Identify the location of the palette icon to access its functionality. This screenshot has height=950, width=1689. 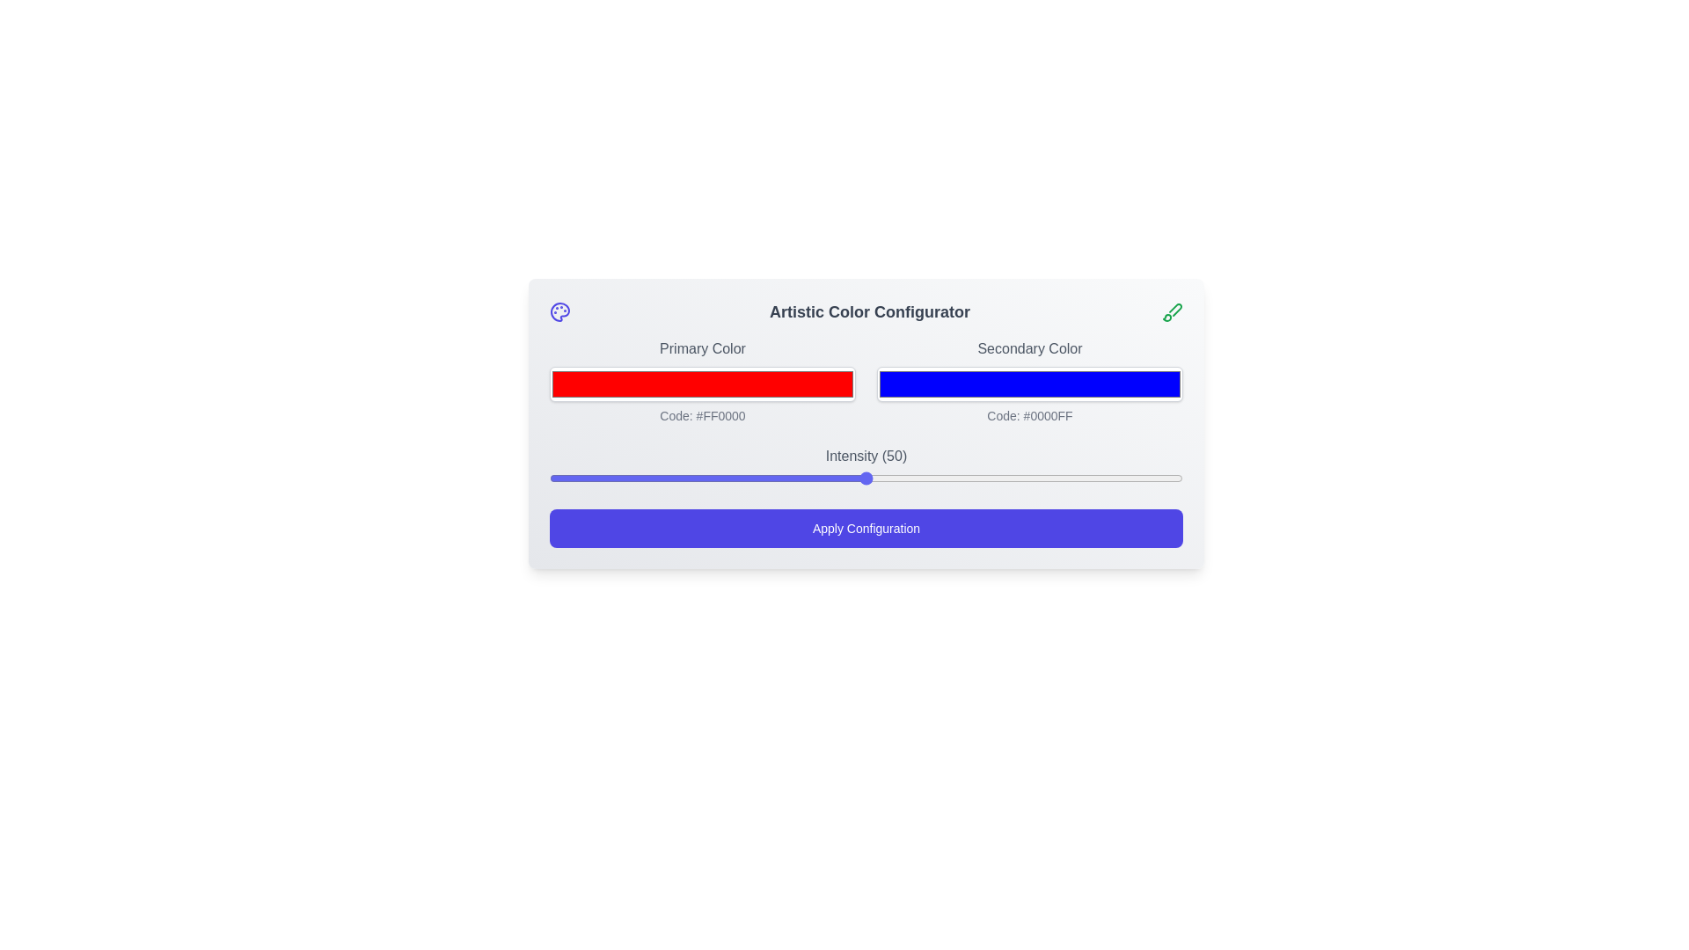
(559, 311).